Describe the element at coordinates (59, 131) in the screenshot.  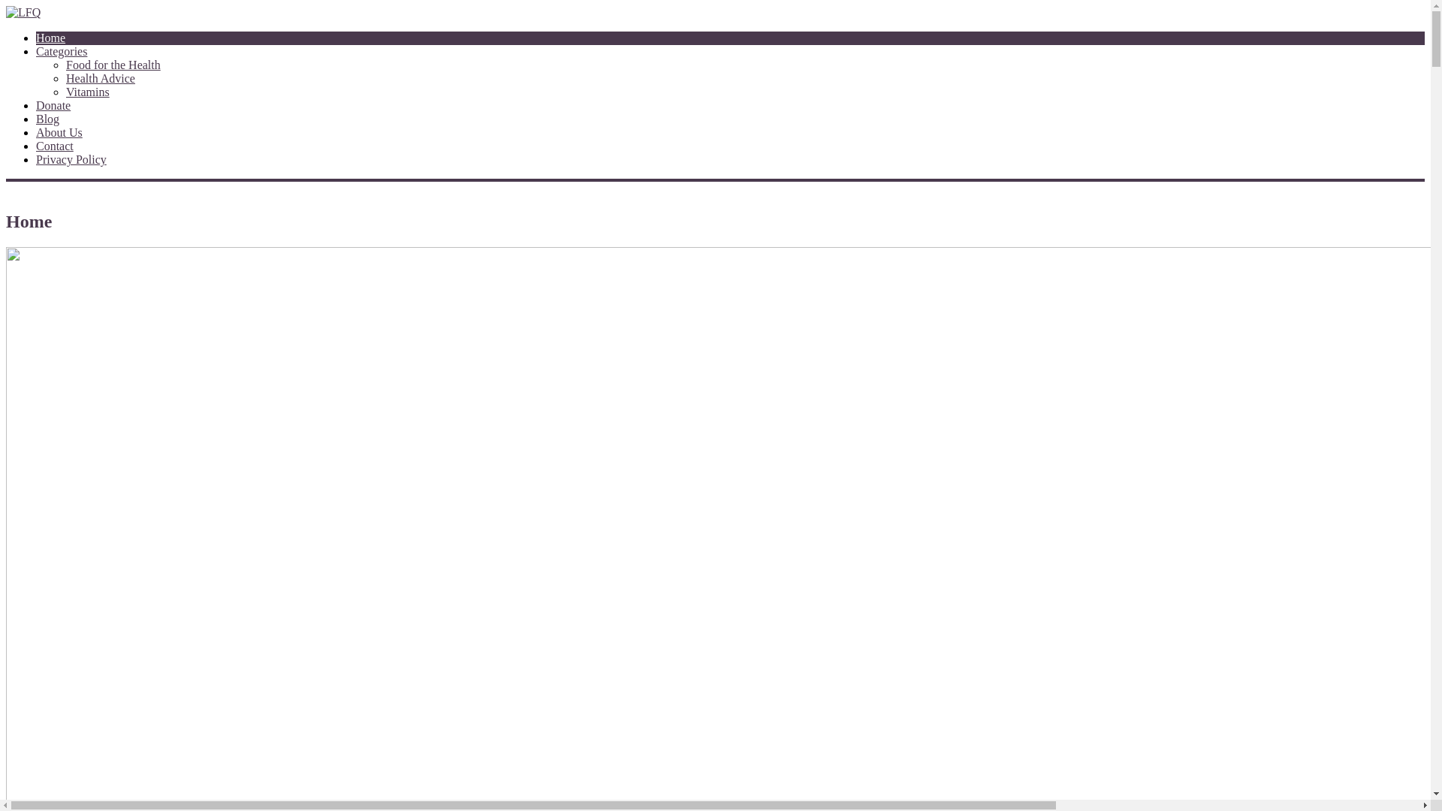
I see `'About Us'` at that location.